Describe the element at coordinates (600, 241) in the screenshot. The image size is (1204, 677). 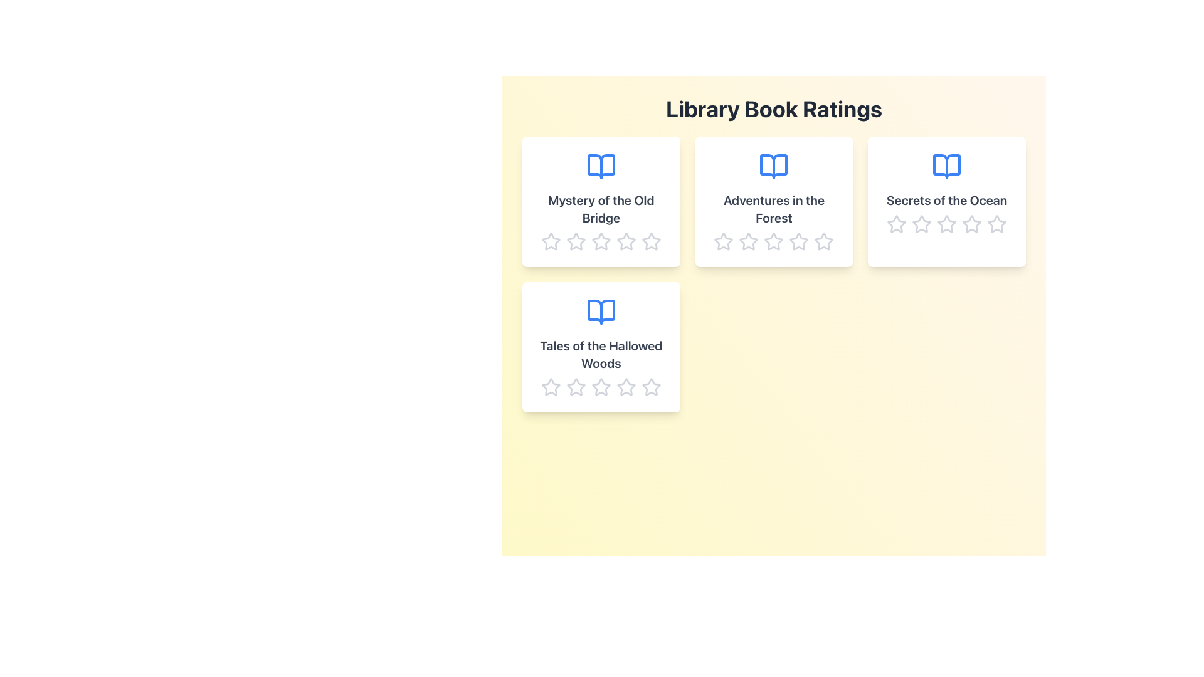
I see `the second star in the row of five rating stars for the book 'Mystery of the Old Bridge'` at that location.